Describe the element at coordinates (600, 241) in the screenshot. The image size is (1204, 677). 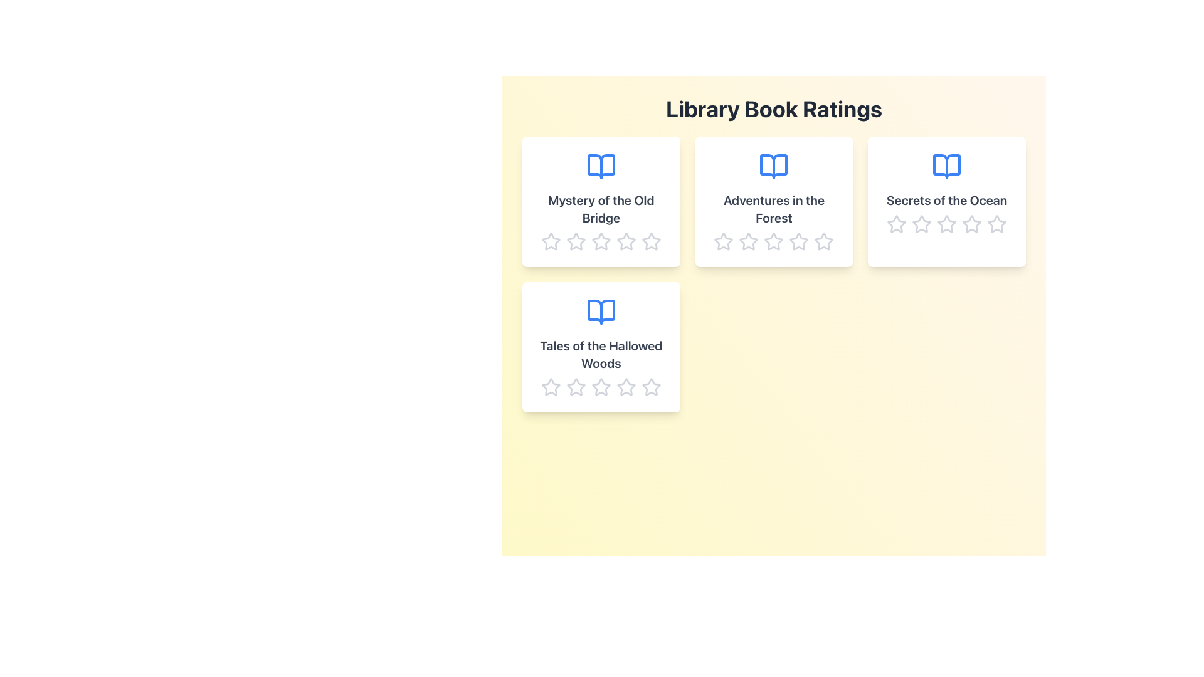
I see `the second star in the row of five rating stars for the book 'Mystery of the Old Bridge'` at that location.